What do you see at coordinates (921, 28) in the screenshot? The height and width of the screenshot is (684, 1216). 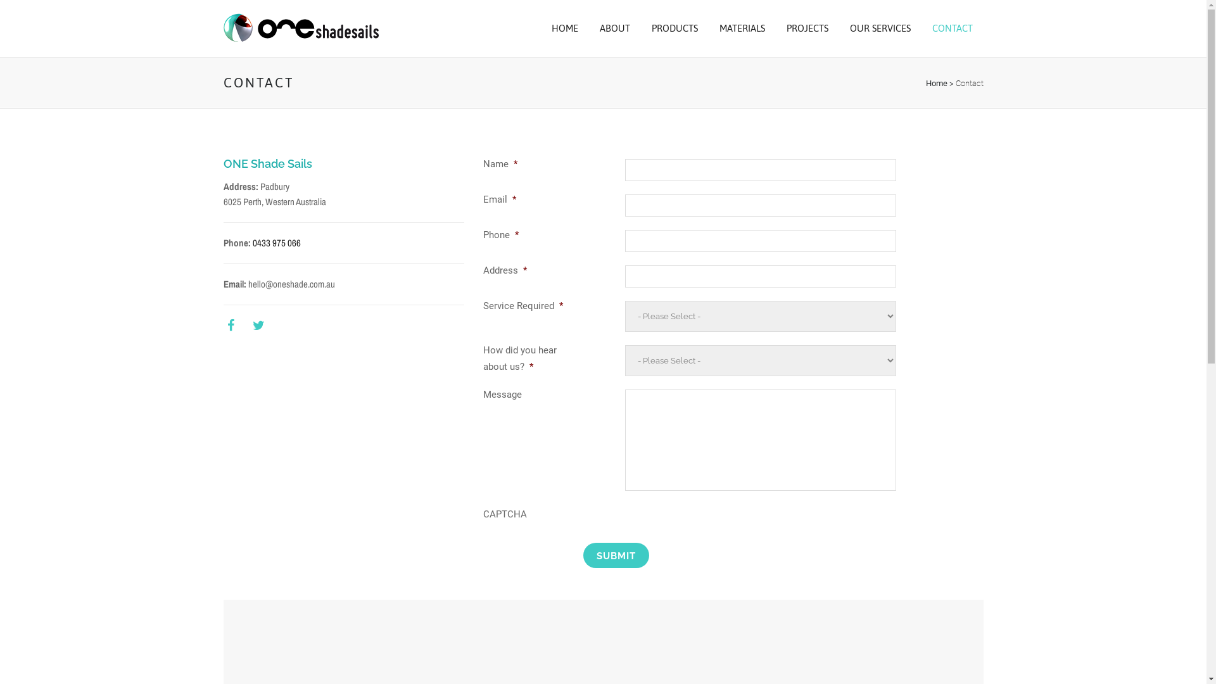 I see `'CONTACT'` at bounding box center [921, 28].